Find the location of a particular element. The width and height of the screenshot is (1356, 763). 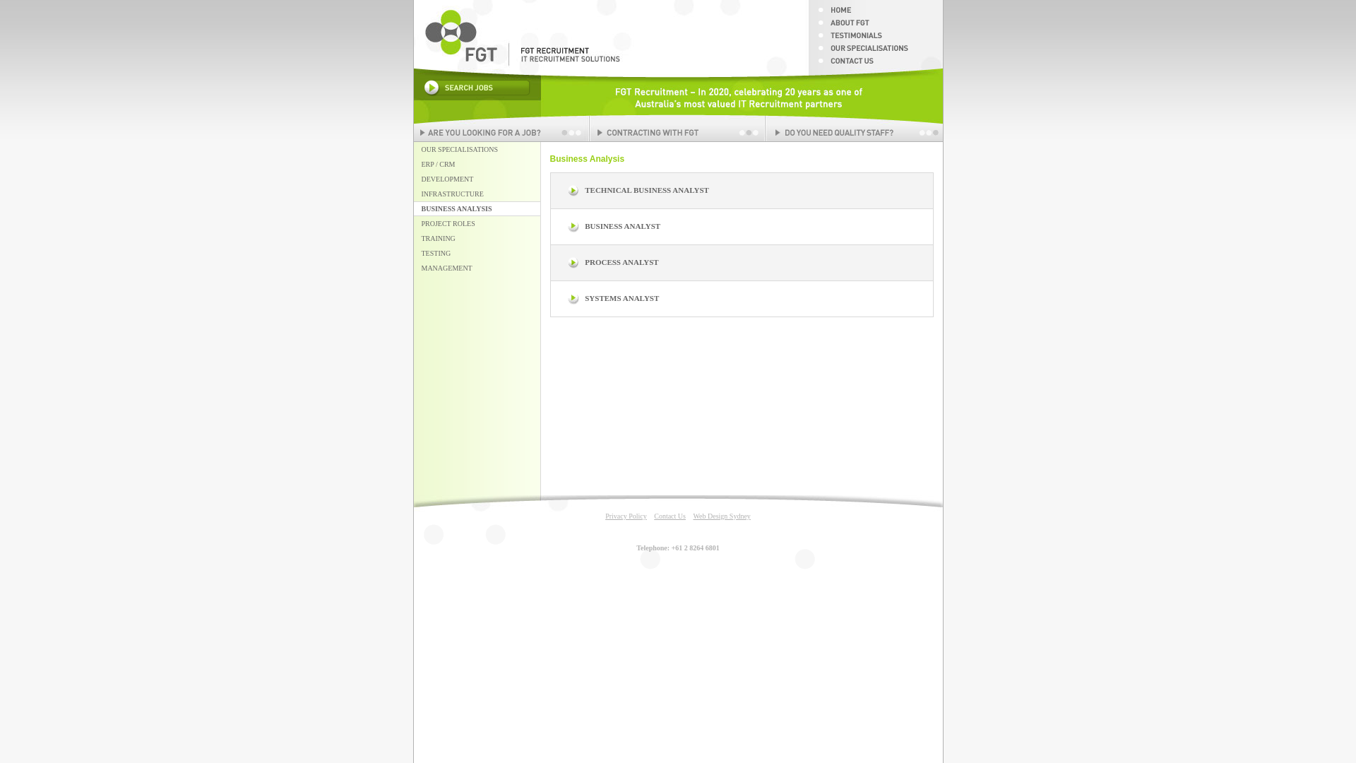

'ERP / CRM' is located at coordinates (477, 163).